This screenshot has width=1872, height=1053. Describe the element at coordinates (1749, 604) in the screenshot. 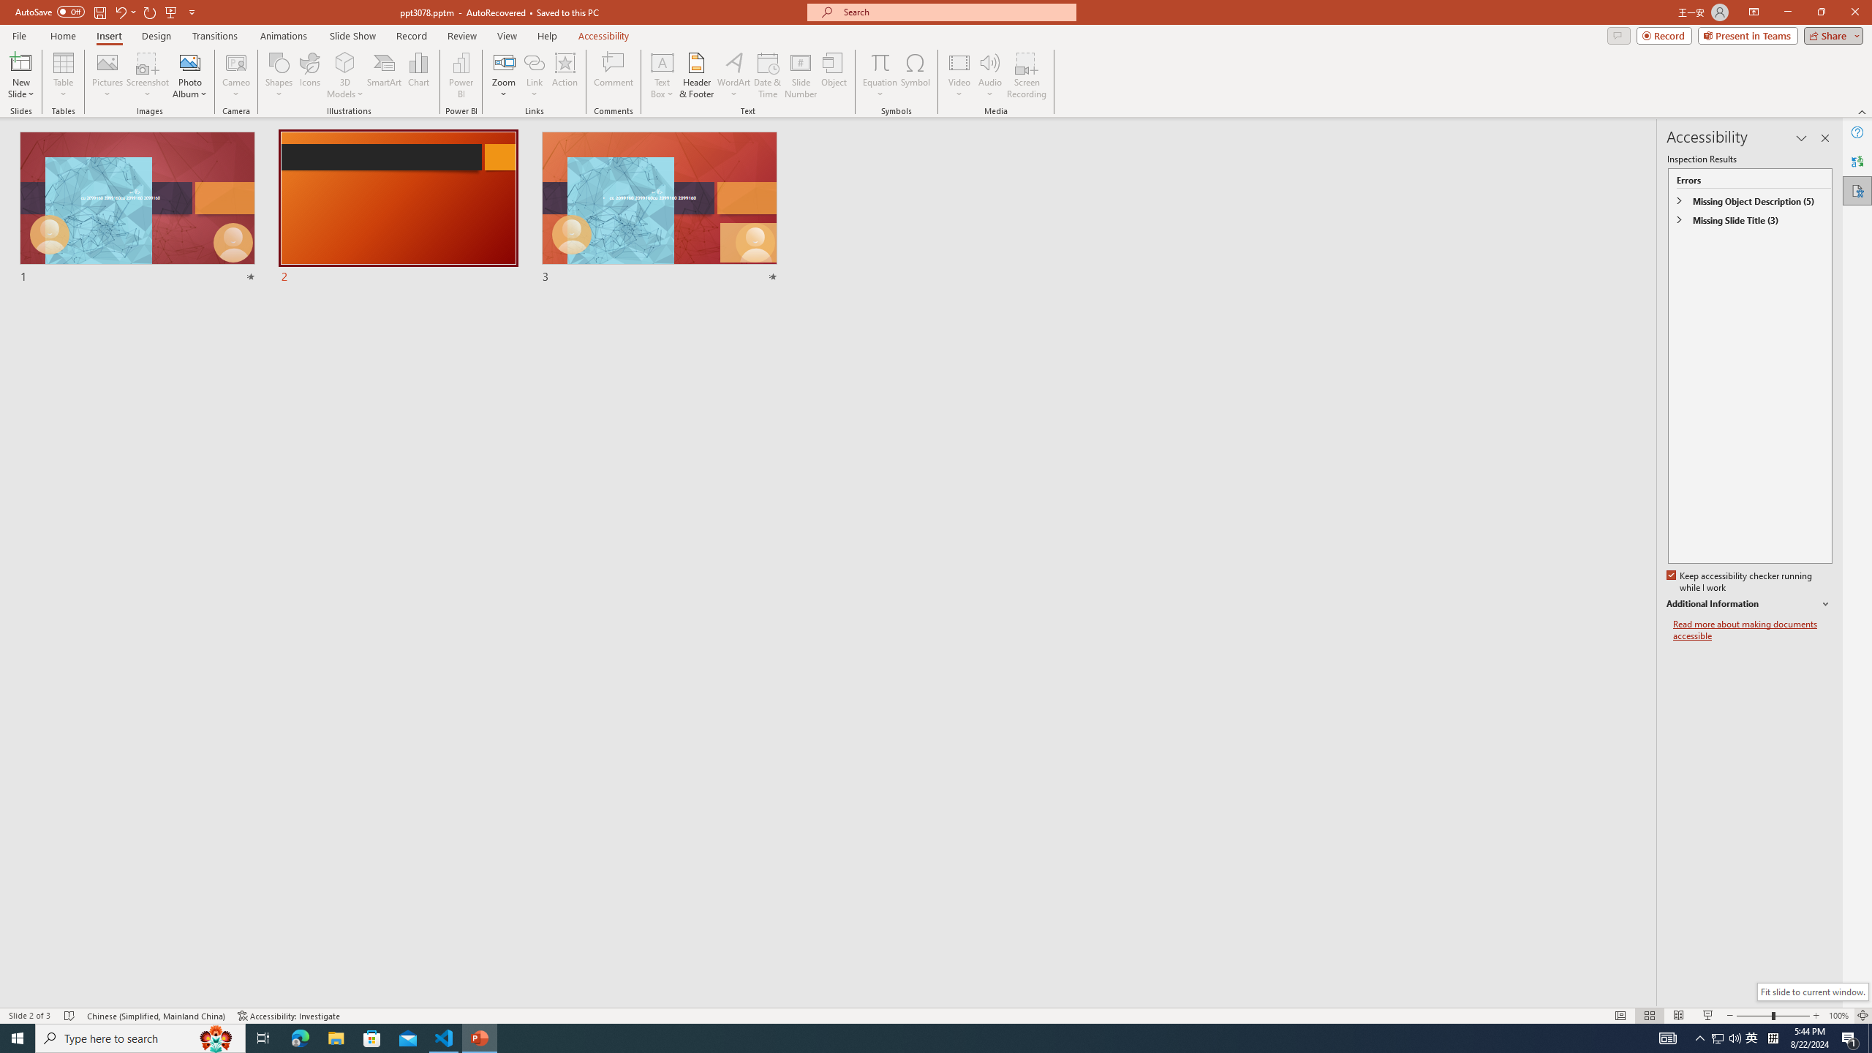

I see `'Additional Information'` at that location.